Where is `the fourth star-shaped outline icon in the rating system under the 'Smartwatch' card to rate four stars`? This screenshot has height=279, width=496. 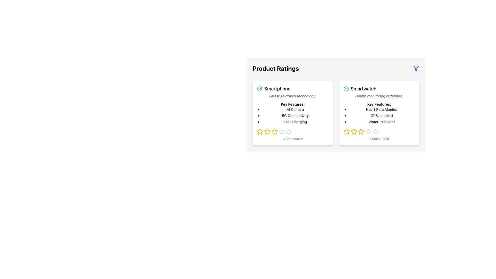
the fourth star-shaped outline icon in the rating system under the 'Smartwatch' card to rate four stars is located at coordinates (368, 131).